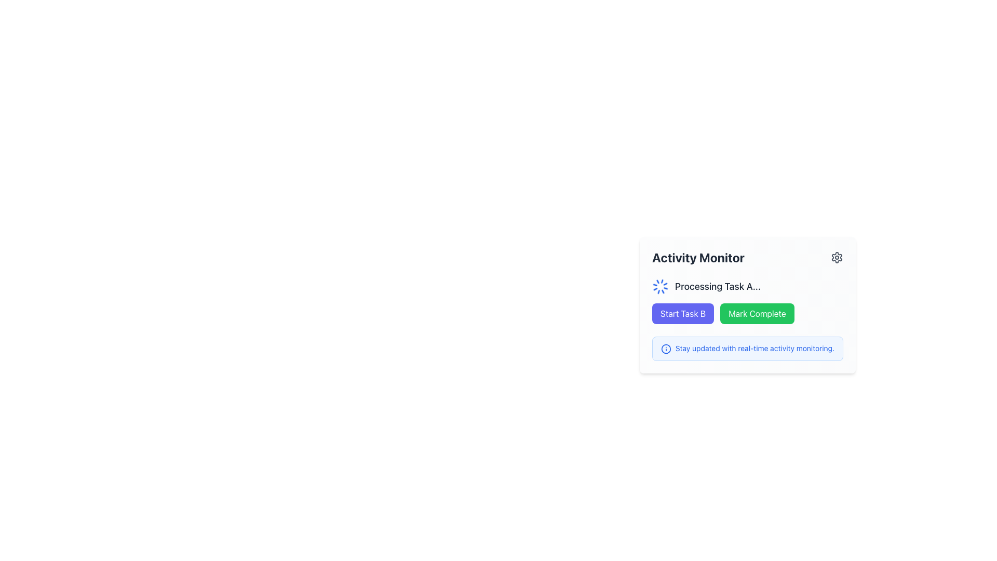 This screenshot has width=997, height=561. I want to click on the 'Mark Complete' button with a green background and white text, located in the 'Activity Monitor' box, to observe its hover effects, so click(748, 304).